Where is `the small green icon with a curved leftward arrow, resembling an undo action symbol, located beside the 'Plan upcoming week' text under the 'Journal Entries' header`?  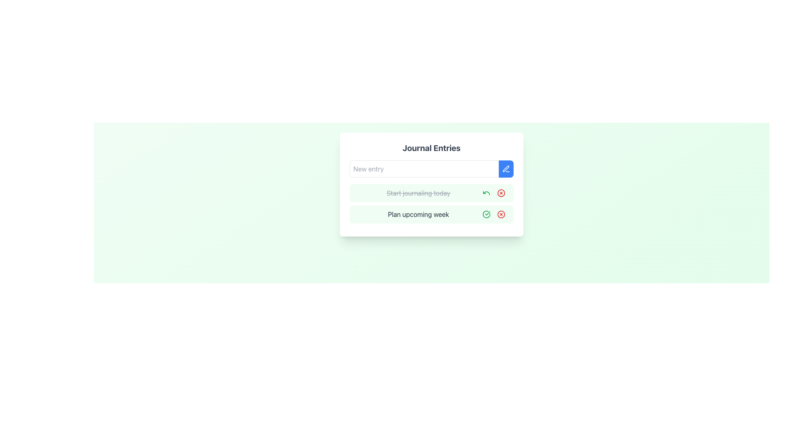
the small green icon with a curved leftward arrow, resembling an undo action symbol, located beside the 'Plan upcoming week' text under the 'Journal Entries' header is located at coordinates (486, 193).